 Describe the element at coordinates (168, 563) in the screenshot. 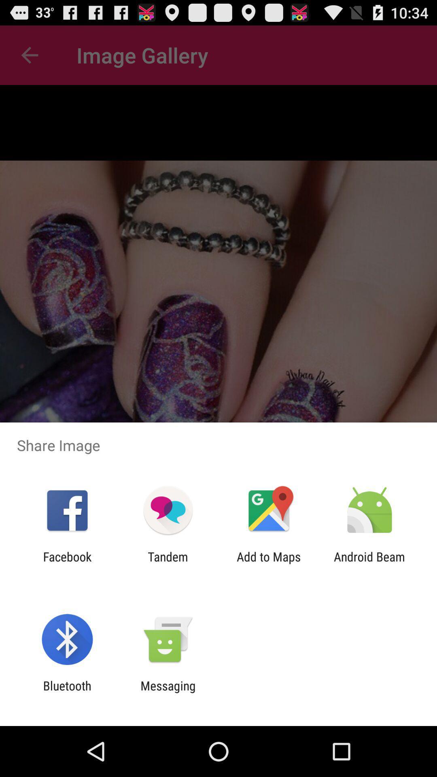

I see `tandem icon` at that location.